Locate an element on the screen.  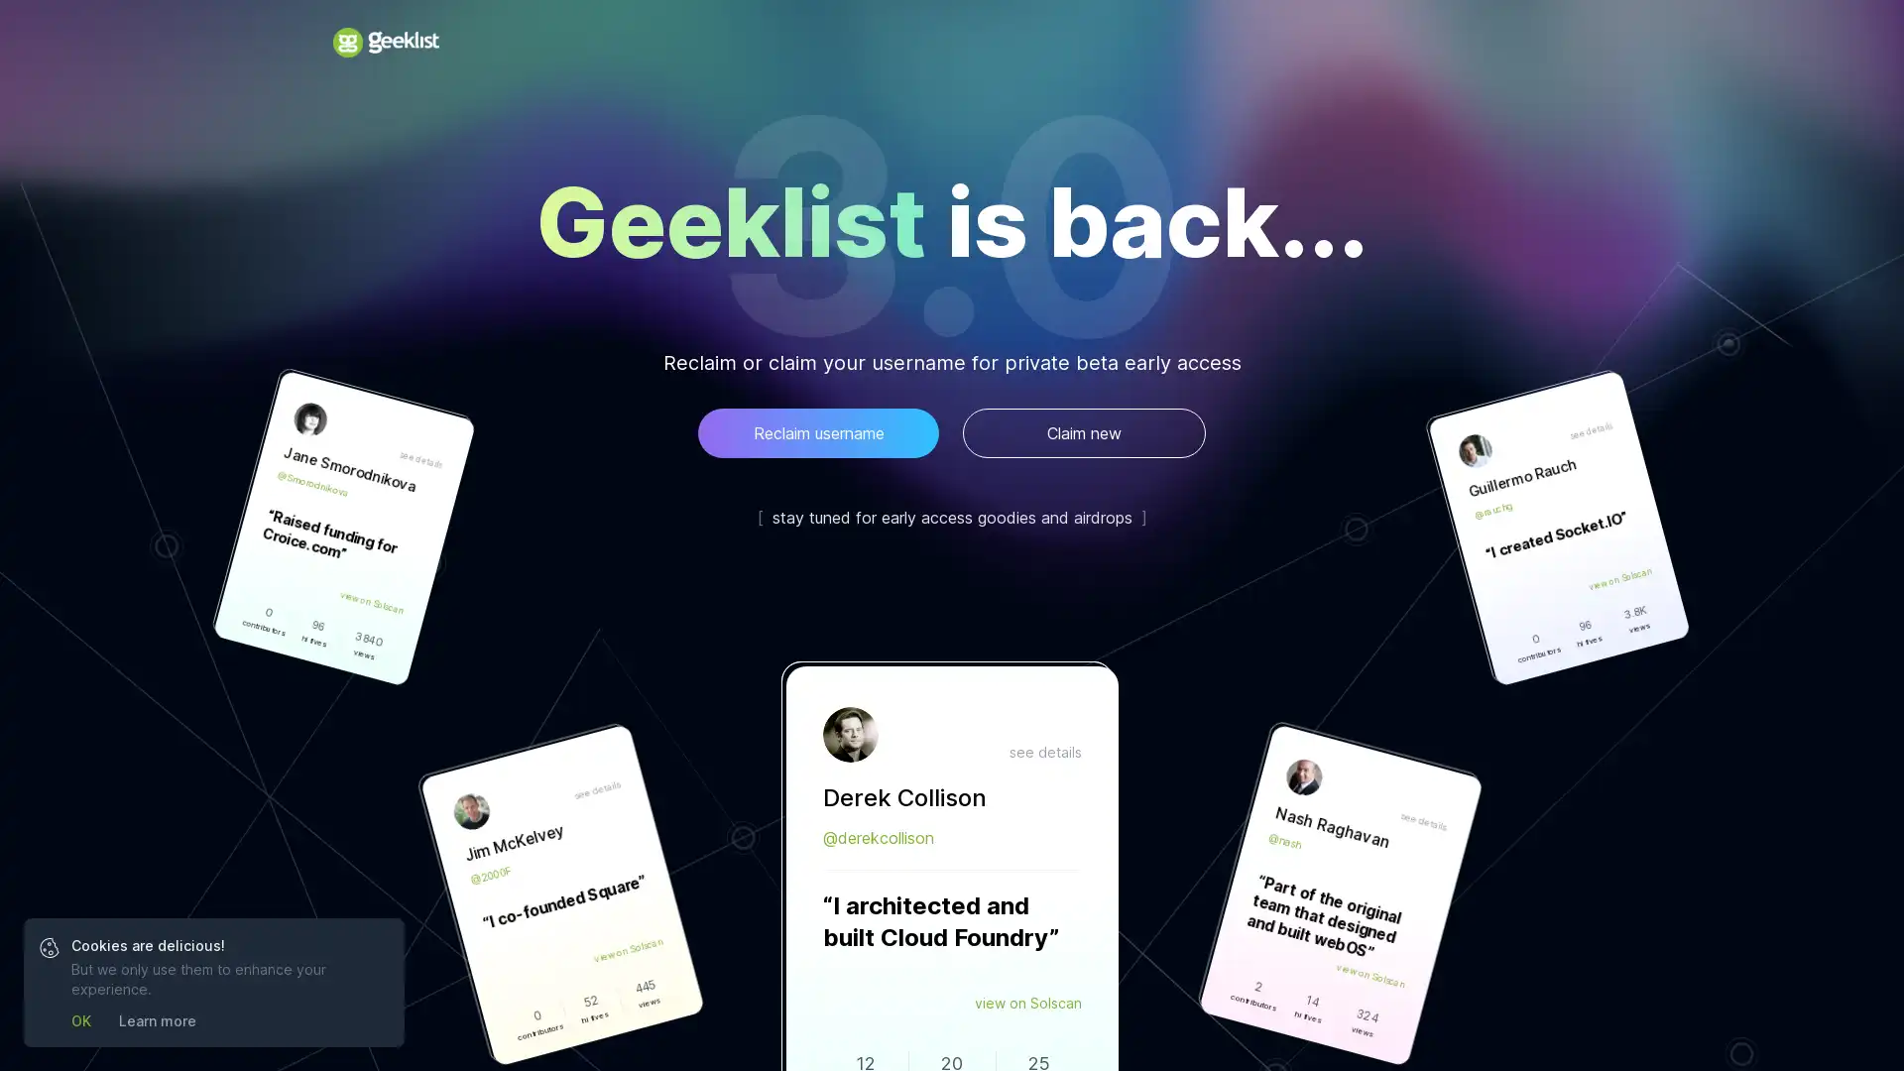
OK is located at coordinates (79, 1020).